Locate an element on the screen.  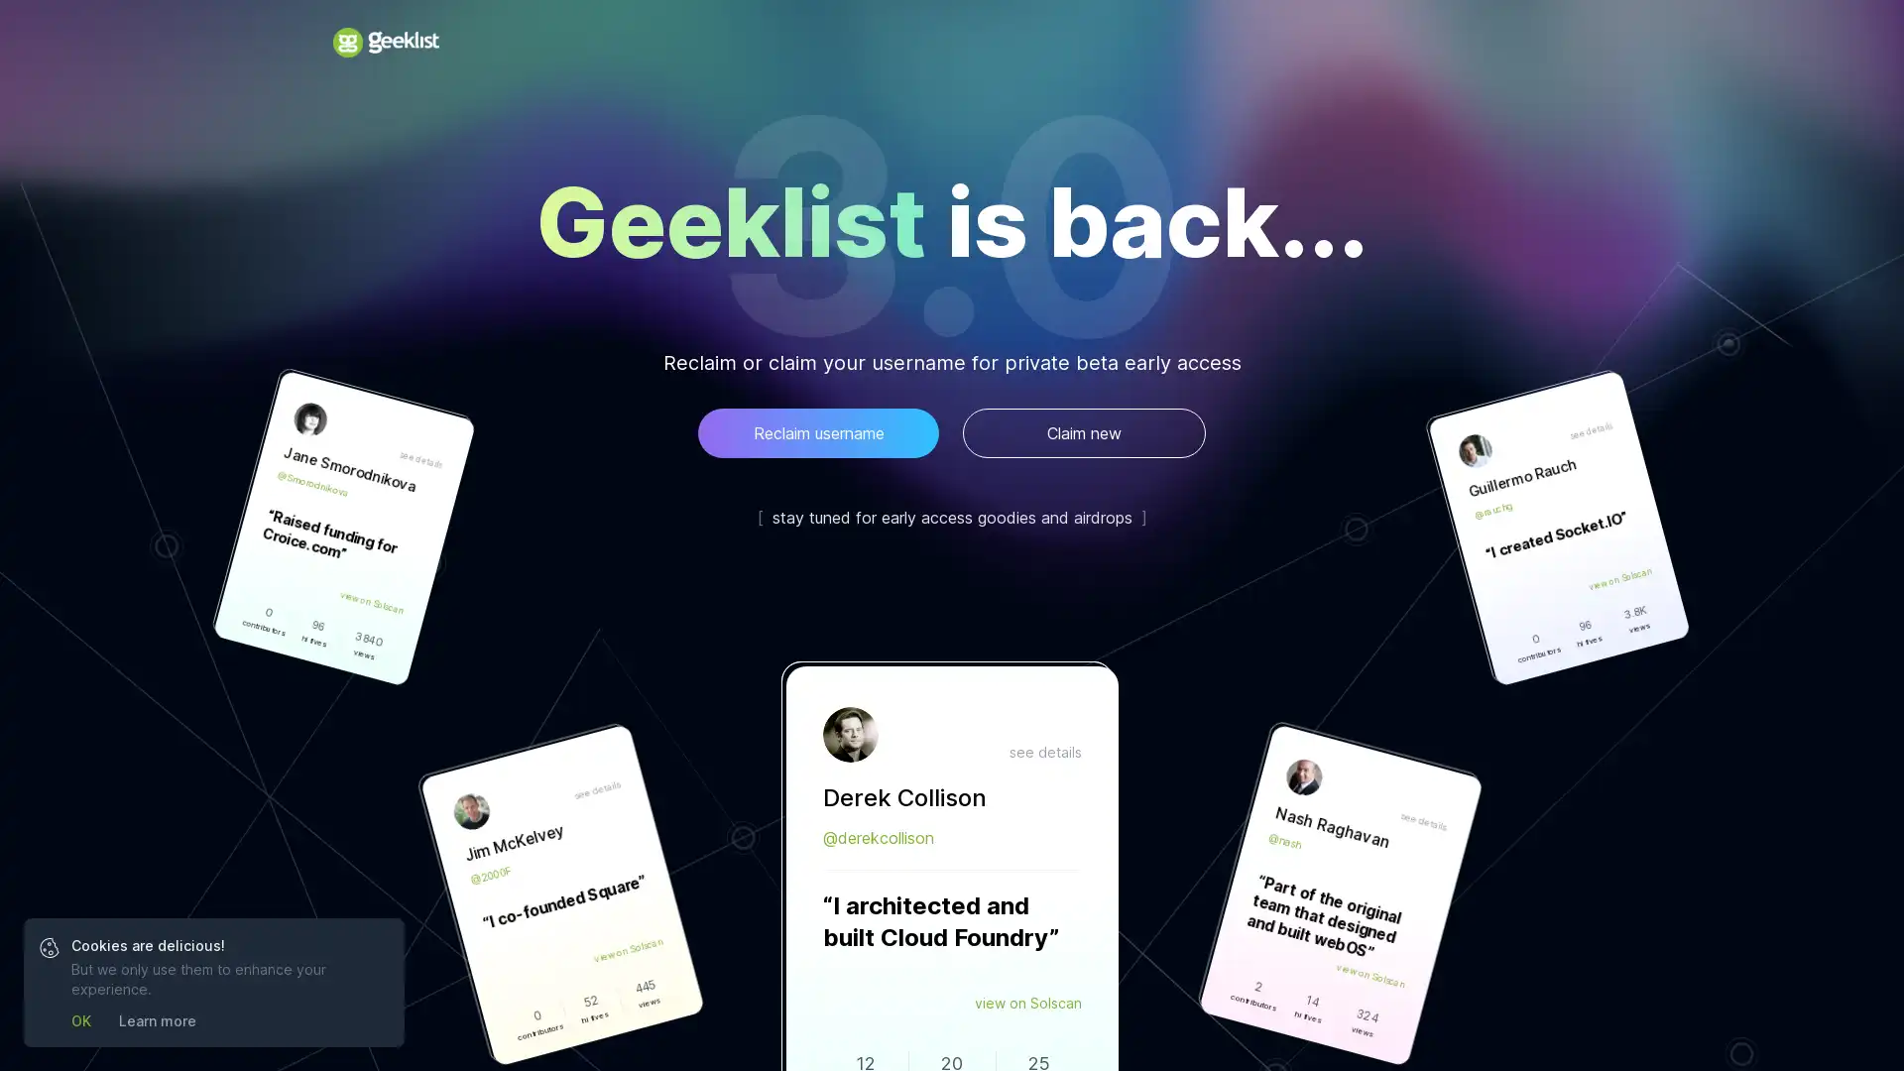
OK is located at coordinates (79, 1020).